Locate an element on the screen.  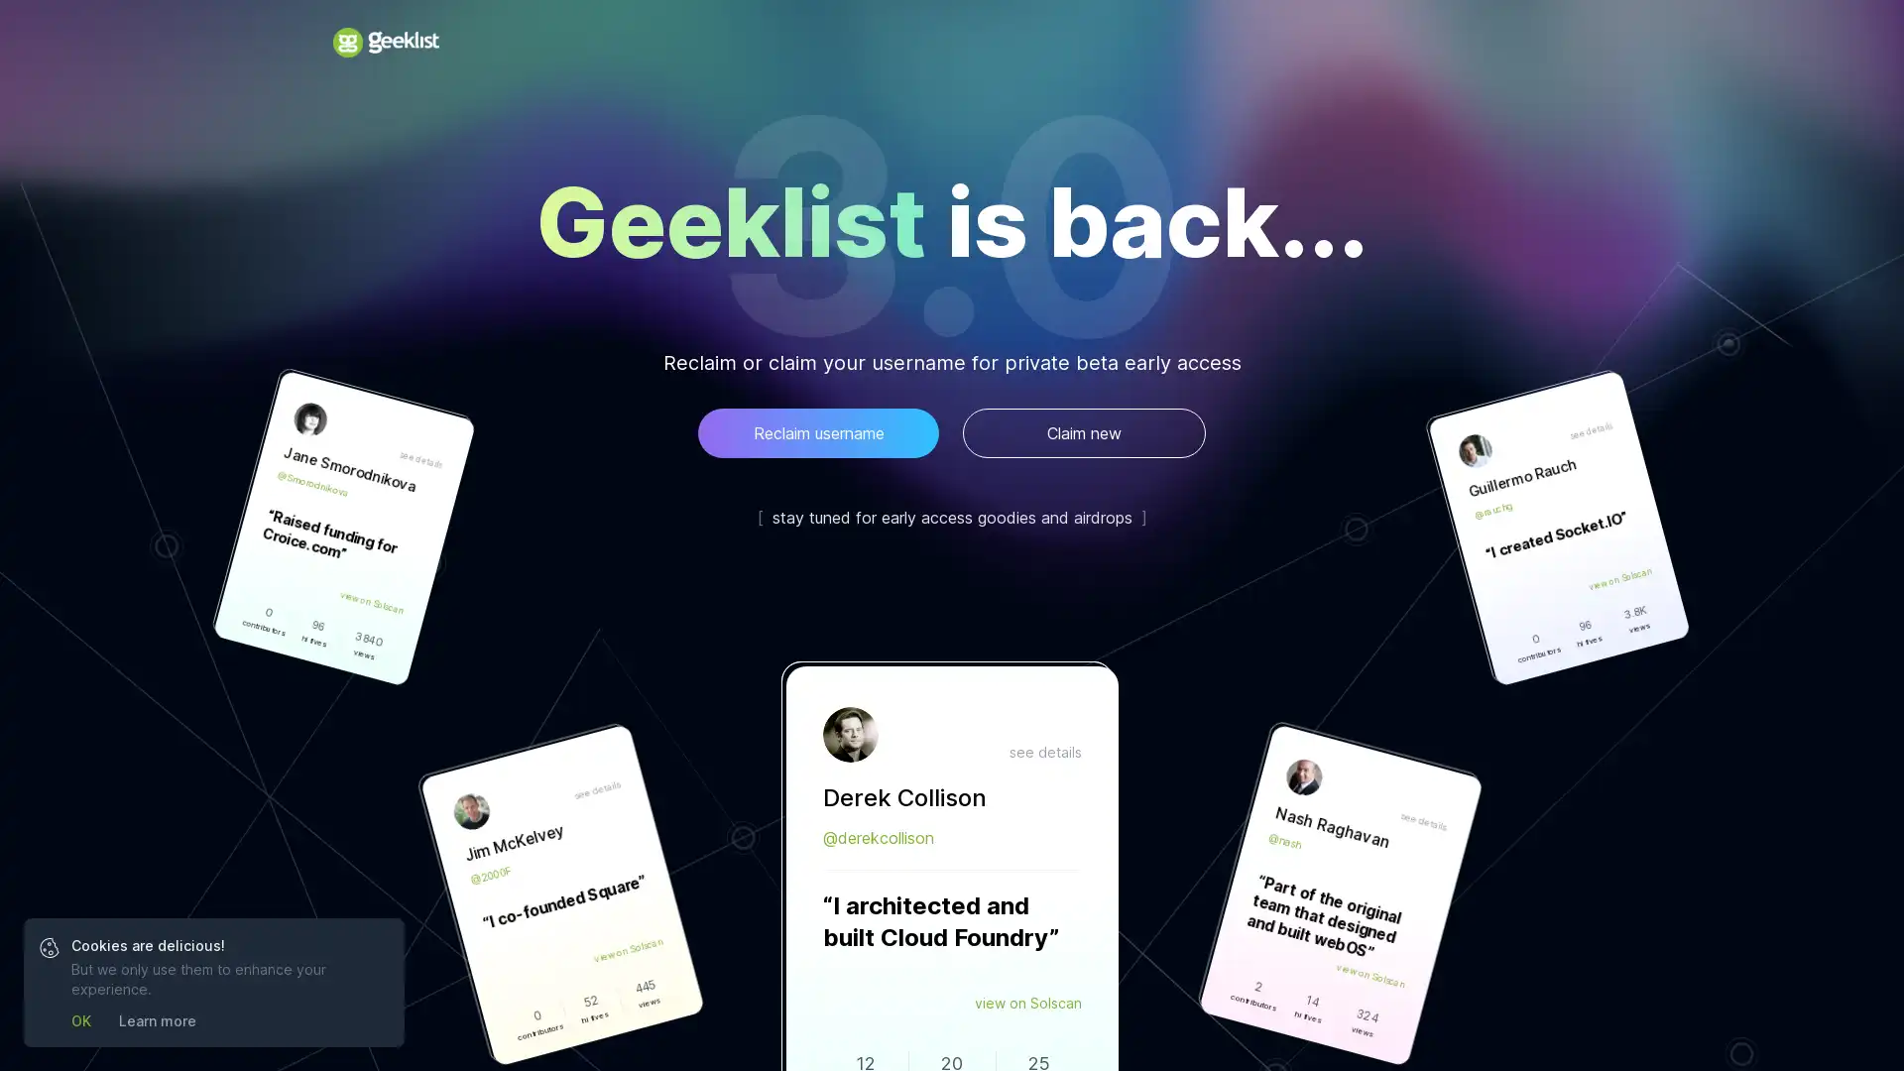
OK is located at coordinates (79, 1020).